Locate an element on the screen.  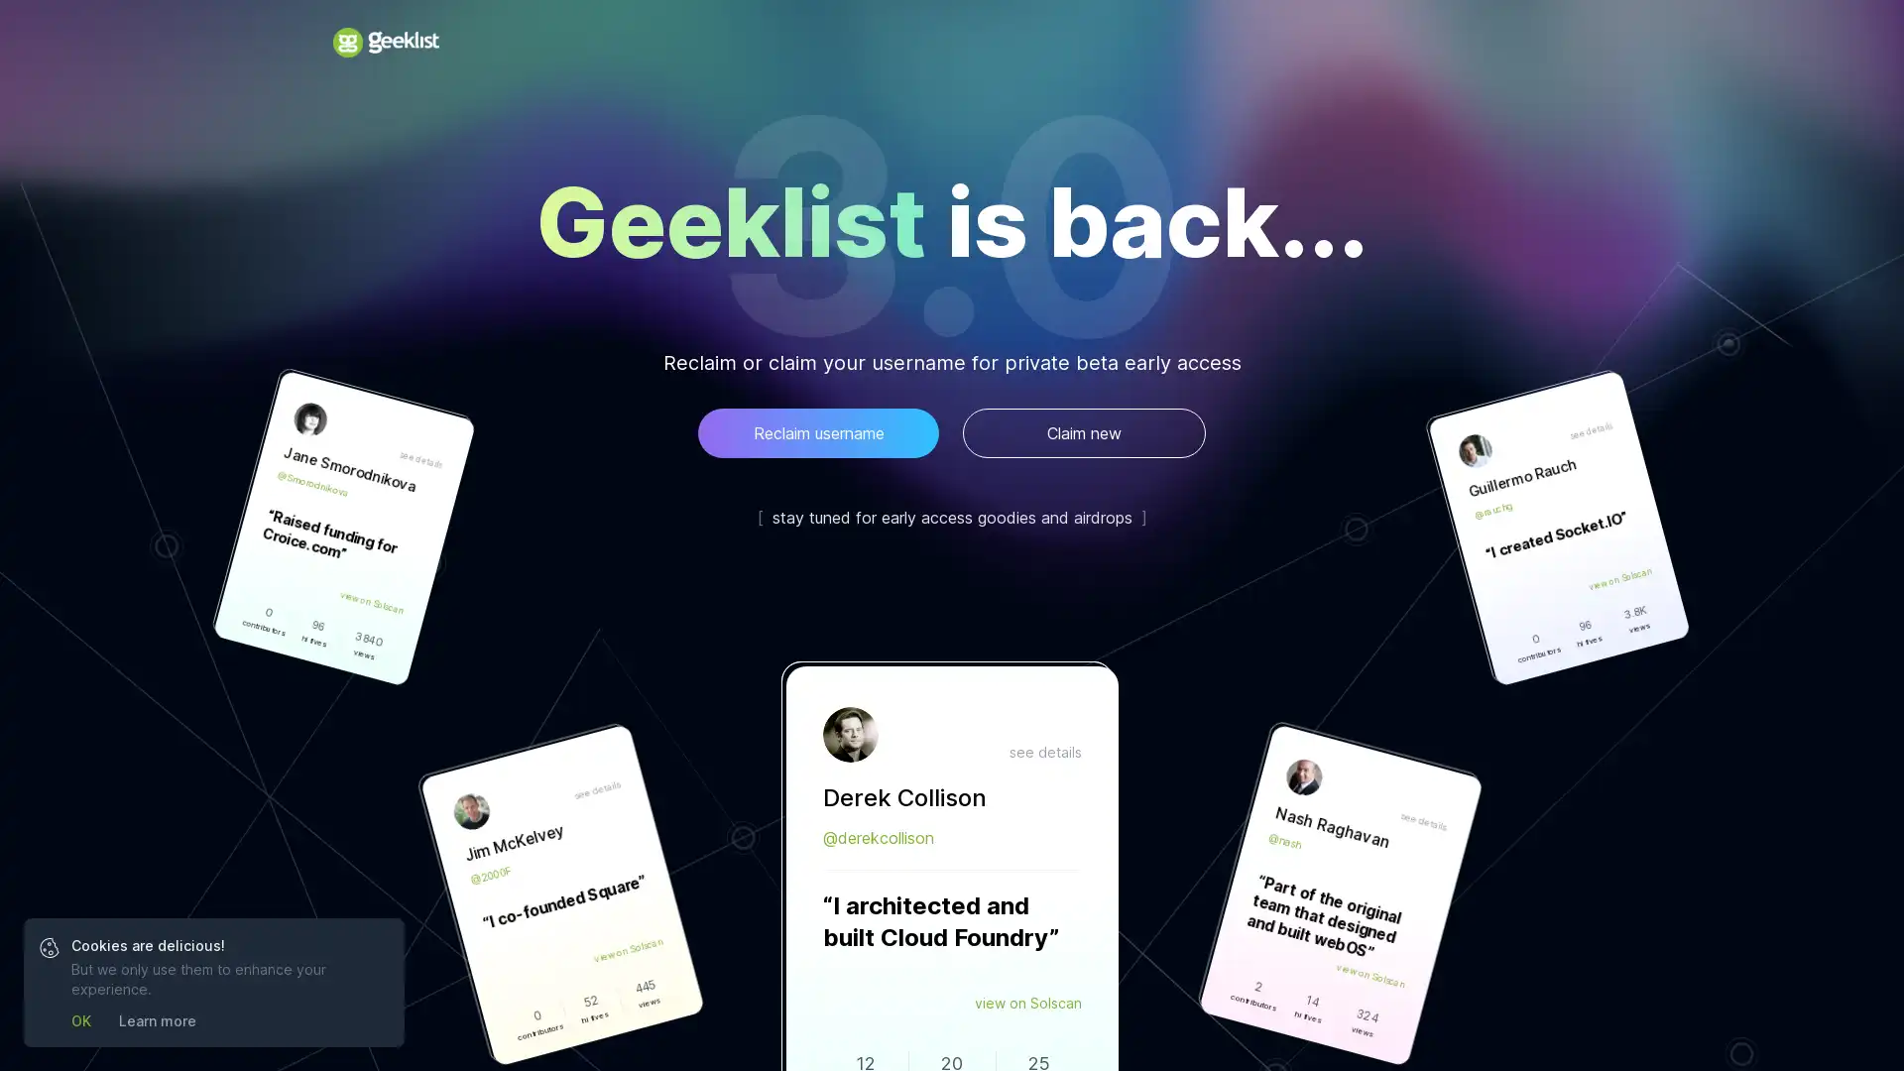
OK is located at coordinates (79, 1020).